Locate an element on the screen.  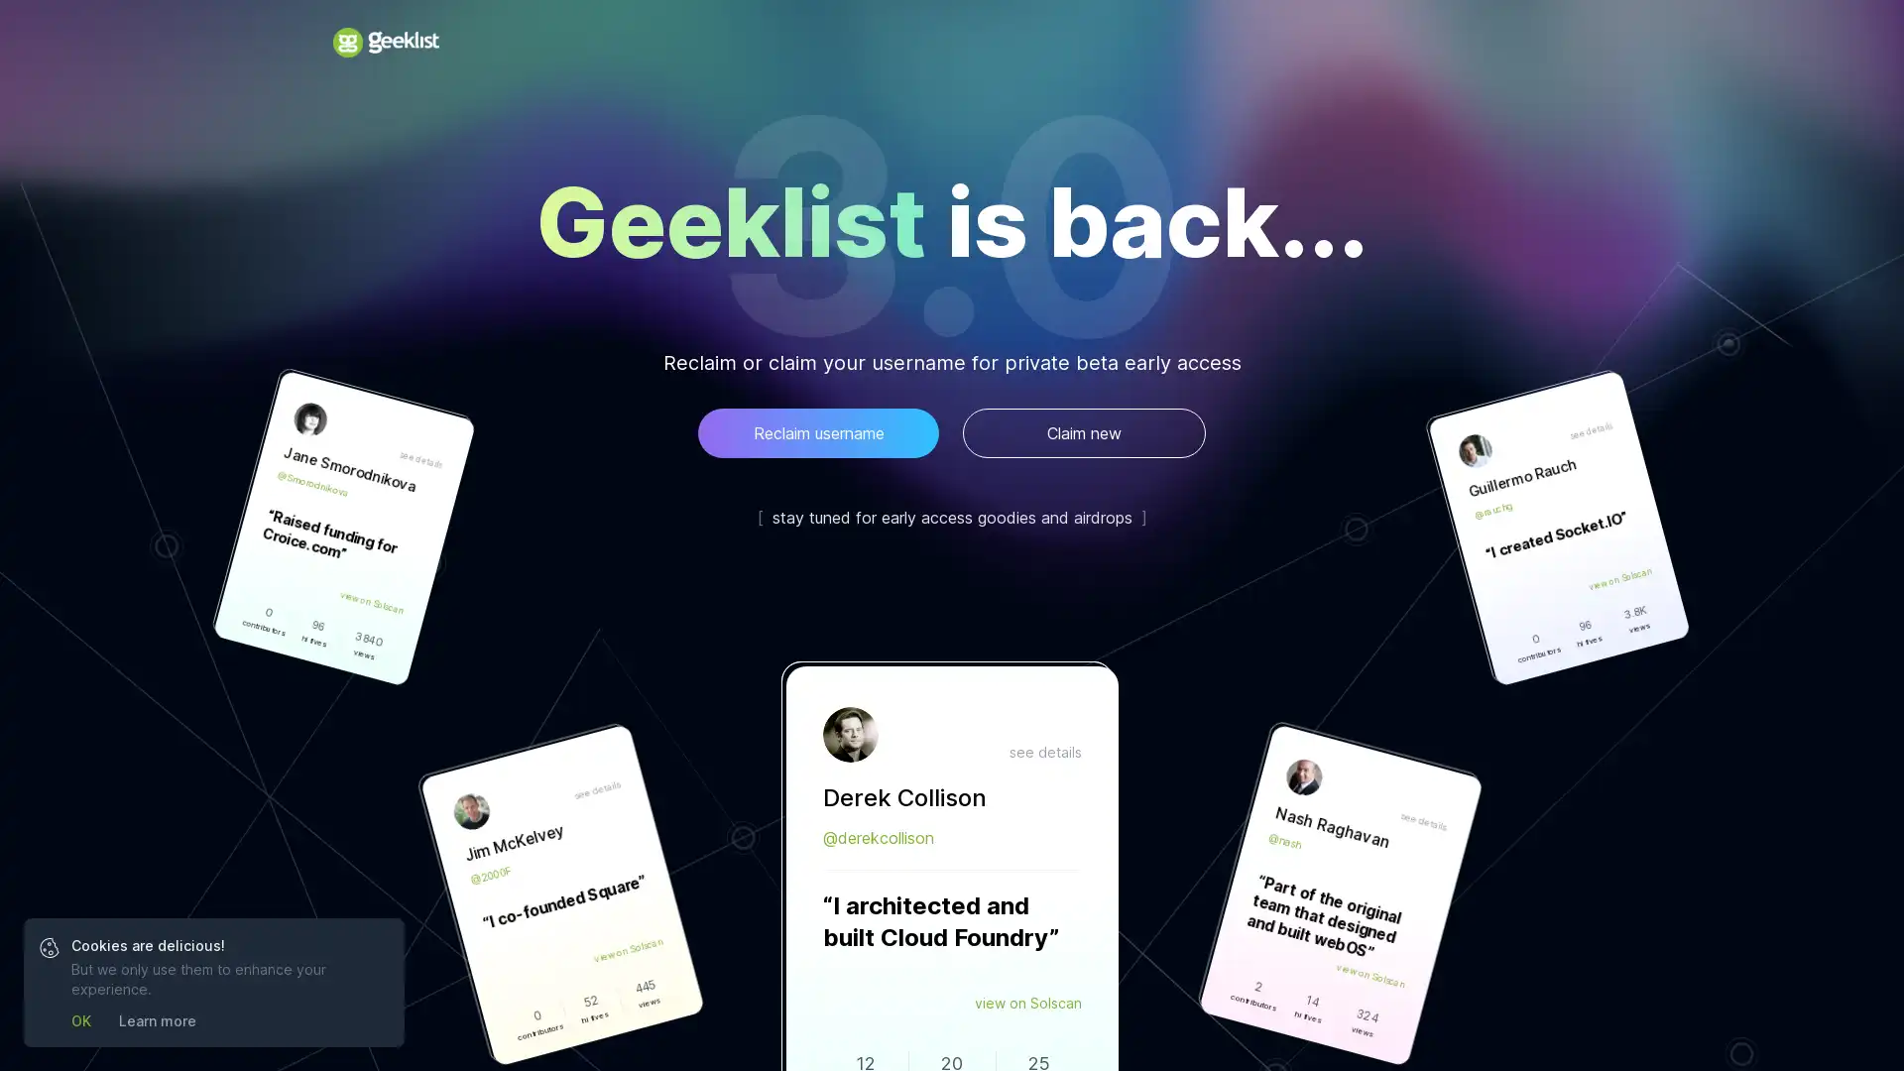
OK is located at coordinates (79, 1020).